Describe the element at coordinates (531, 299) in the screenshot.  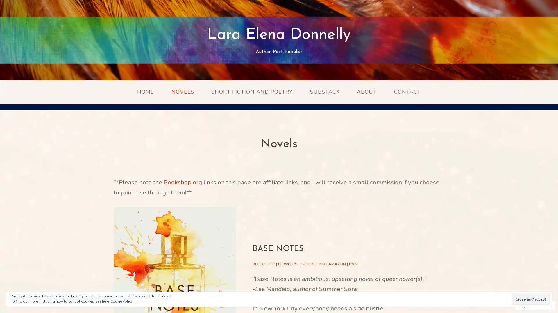
I see `Close and accept` at that location.